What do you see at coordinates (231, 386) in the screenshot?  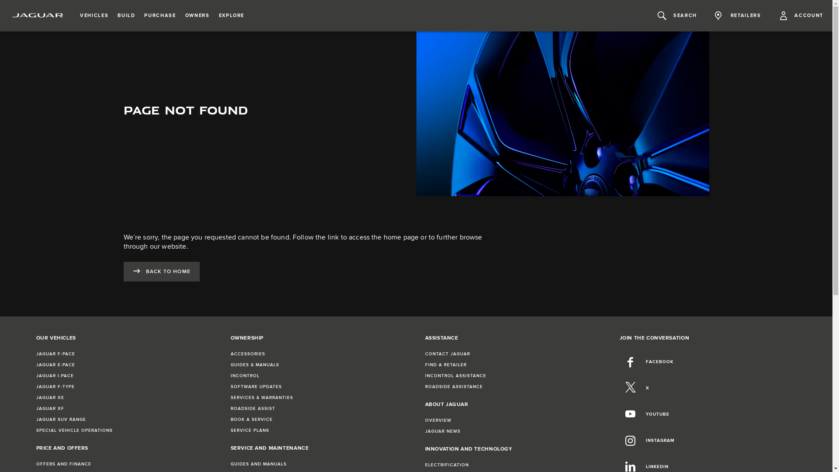 I see `'SOFTWARE UPDATES'` at bounding box center [231, 386].